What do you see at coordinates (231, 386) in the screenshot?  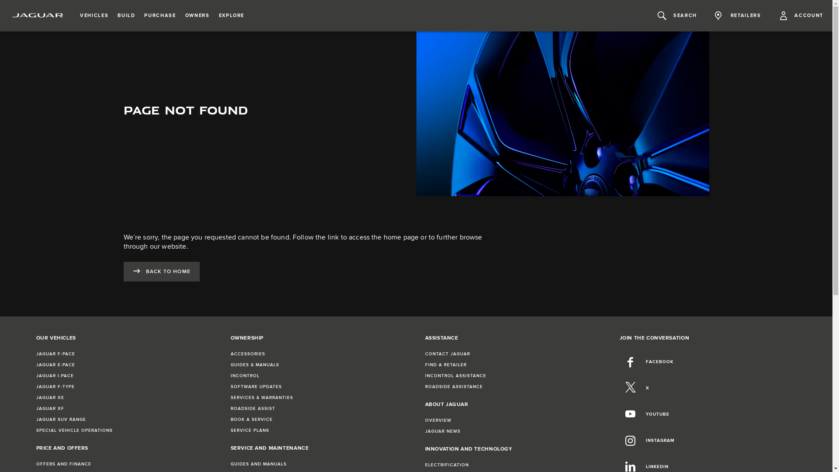 I see `'SOFTWARE UPDATES'` at bounding box center [231, 386].